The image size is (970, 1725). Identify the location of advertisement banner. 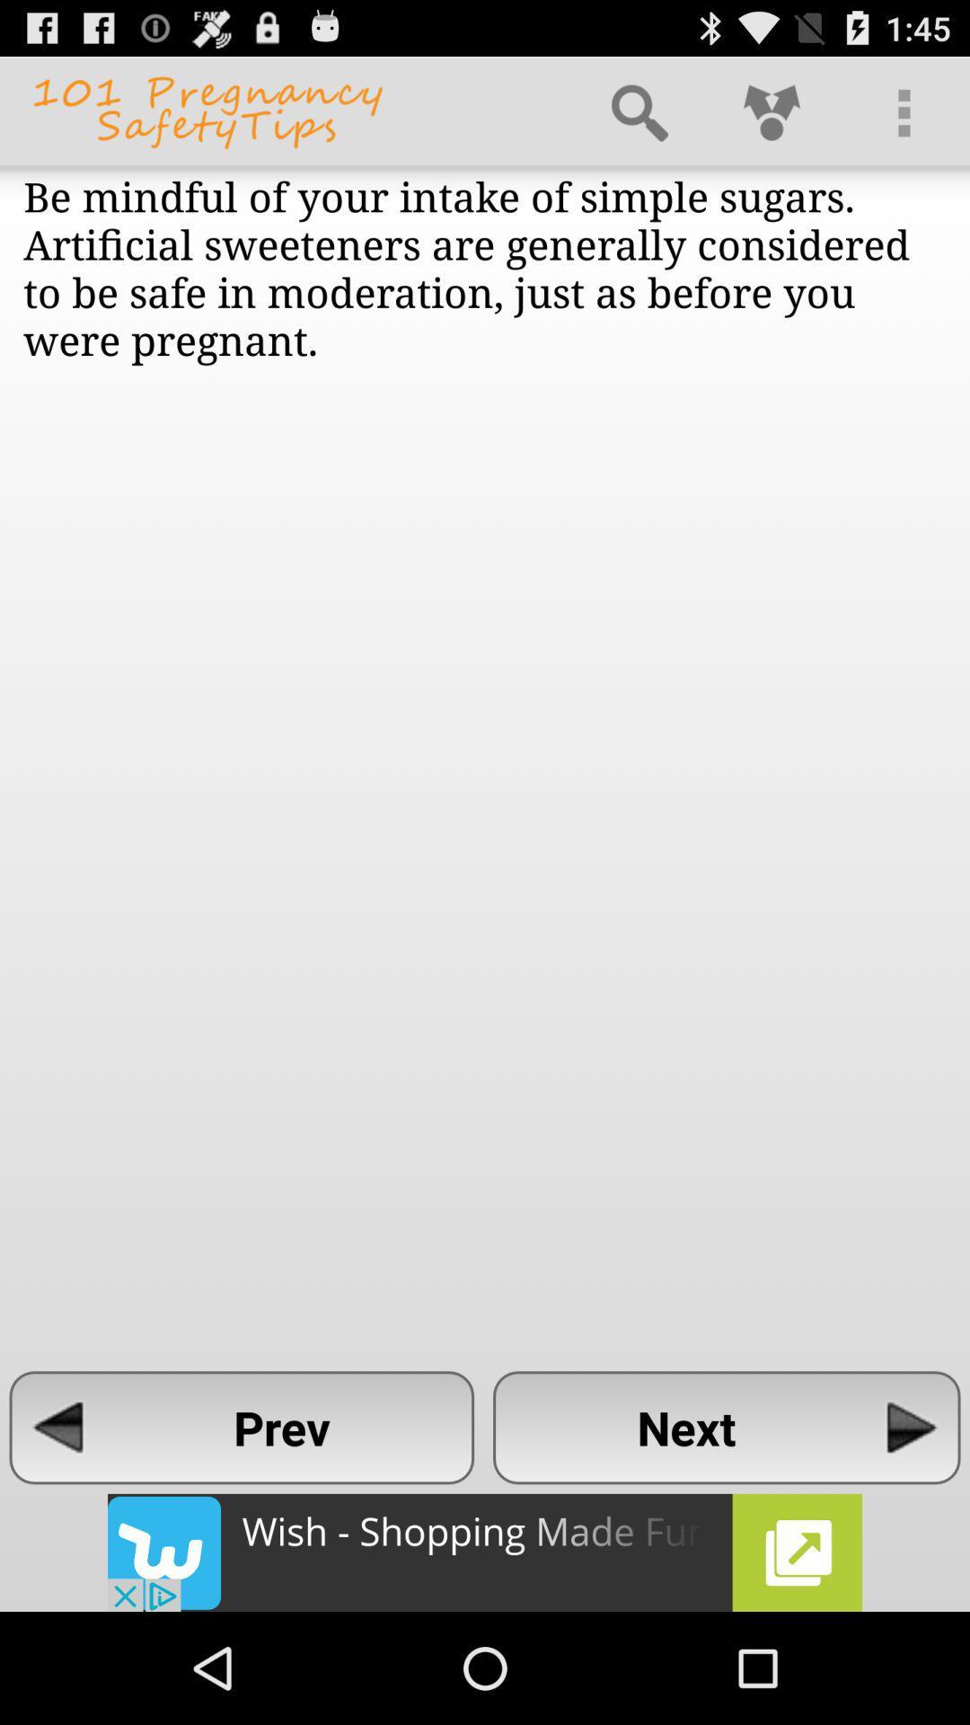
(485, 1552).